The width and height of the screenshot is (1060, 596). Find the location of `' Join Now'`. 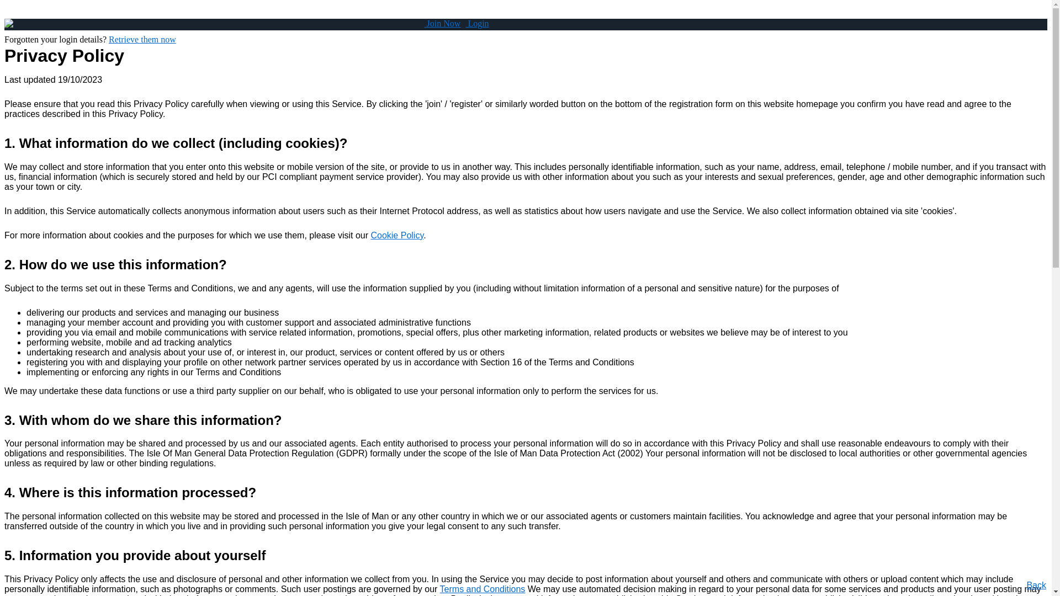

' Join Now' is located at coordinates (423, 23).